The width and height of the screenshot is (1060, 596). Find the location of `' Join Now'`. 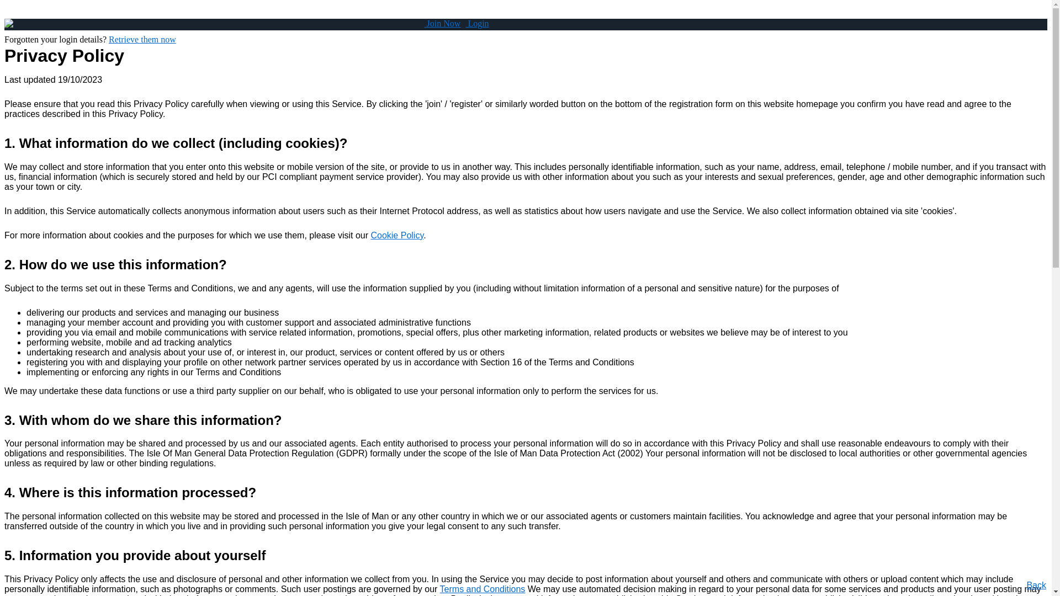

' Join Now' is located at coordinates (423, 23).